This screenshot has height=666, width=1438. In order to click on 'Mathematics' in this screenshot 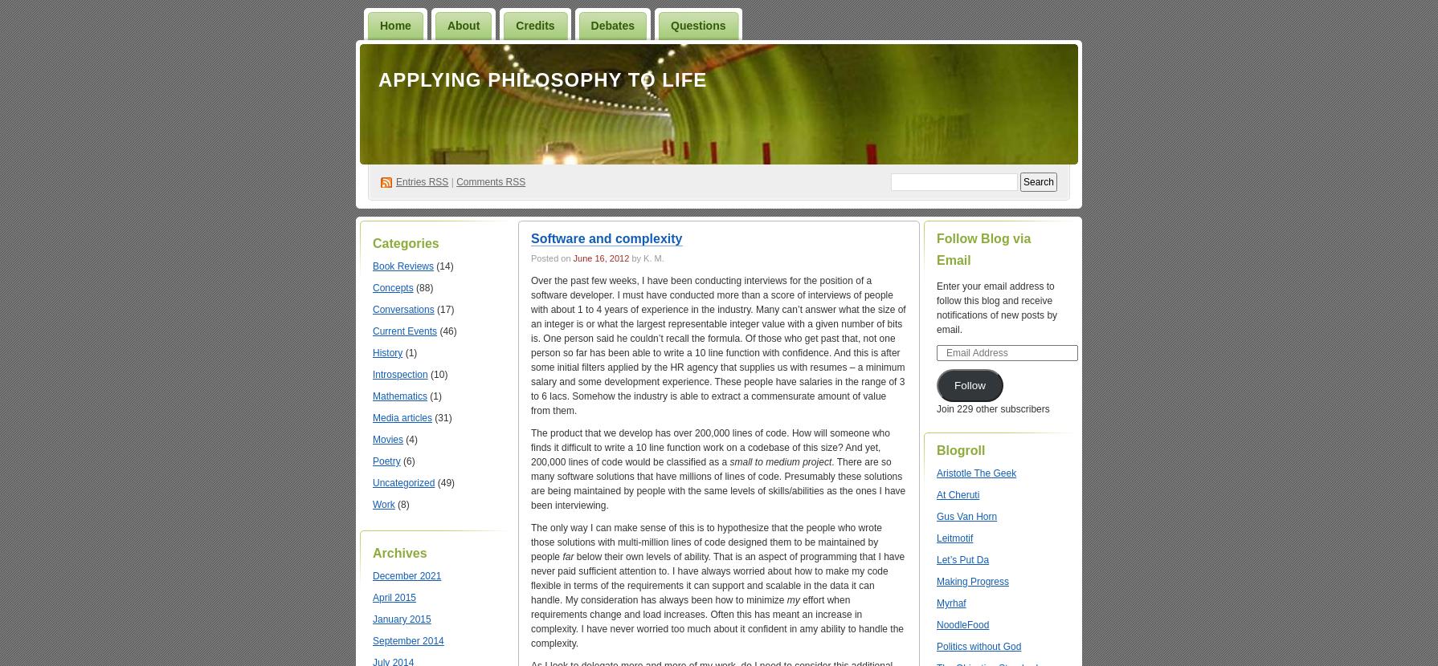, I will do `click(398, 396)`.